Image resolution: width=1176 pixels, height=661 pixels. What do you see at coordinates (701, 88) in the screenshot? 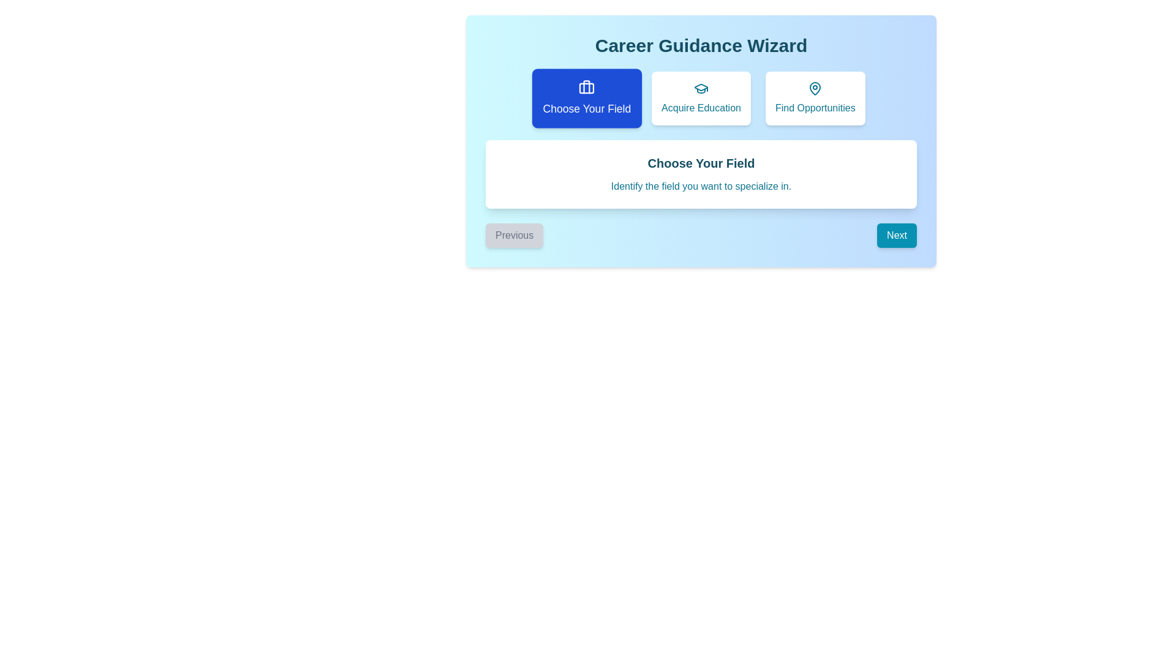
I see `the graduation cap icon, which is outlined in cyan and located above the 'Acquire Education' text within the 'Acquire Education' button` at bounding box center [701, 88].